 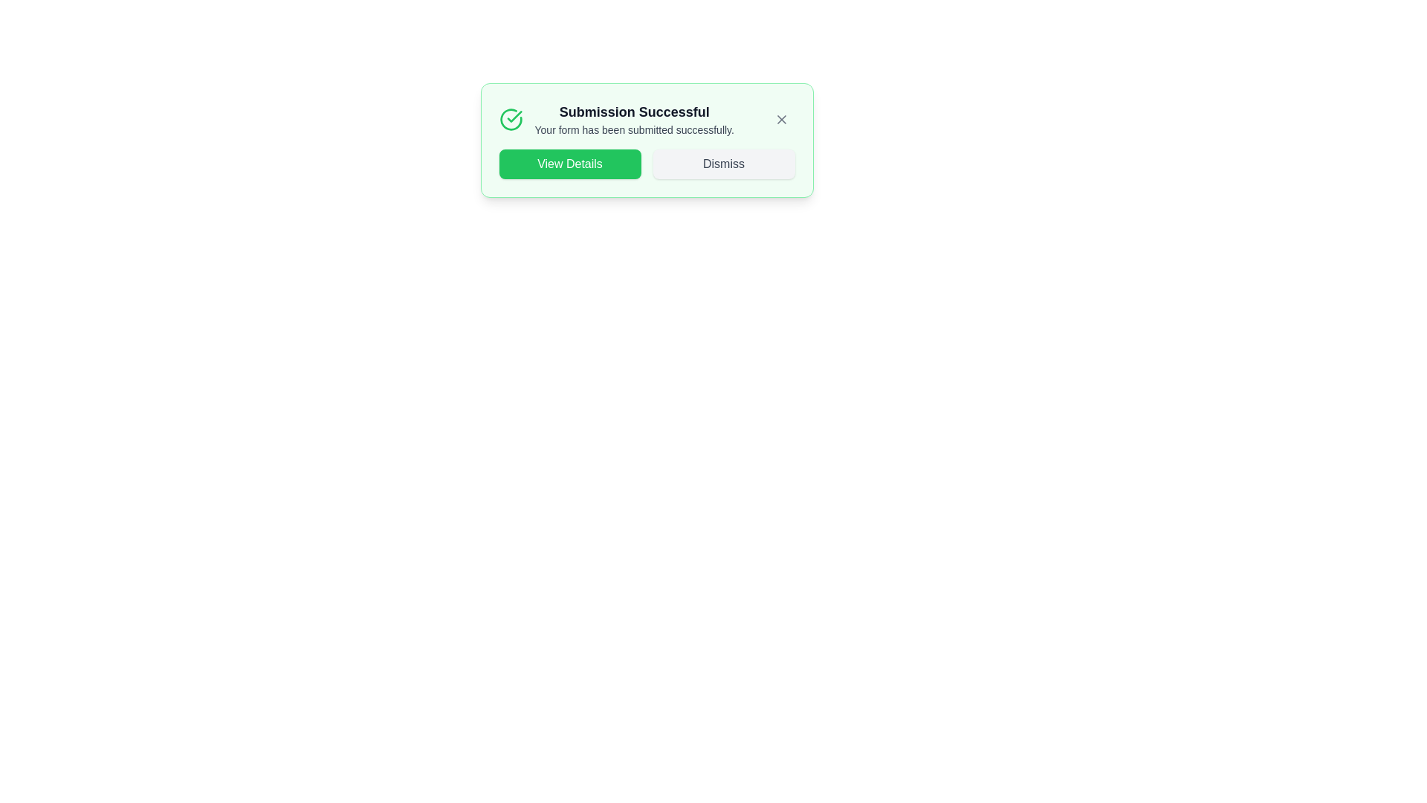 What do you see at coordinates (780, 119) in the screenshot?
I see `the 'X' button to close the alert` at bounding box center [780, 119].